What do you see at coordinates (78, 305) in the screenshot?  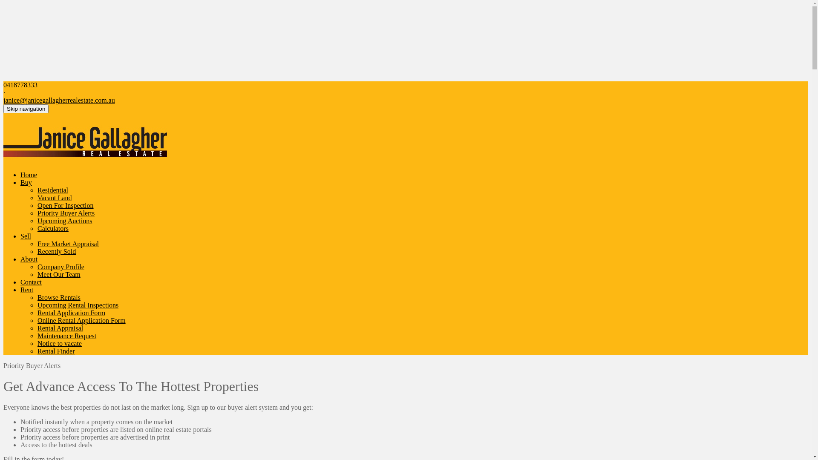 I see `'Upcoming Rental Inspections'` at bounding box center [78, 305].